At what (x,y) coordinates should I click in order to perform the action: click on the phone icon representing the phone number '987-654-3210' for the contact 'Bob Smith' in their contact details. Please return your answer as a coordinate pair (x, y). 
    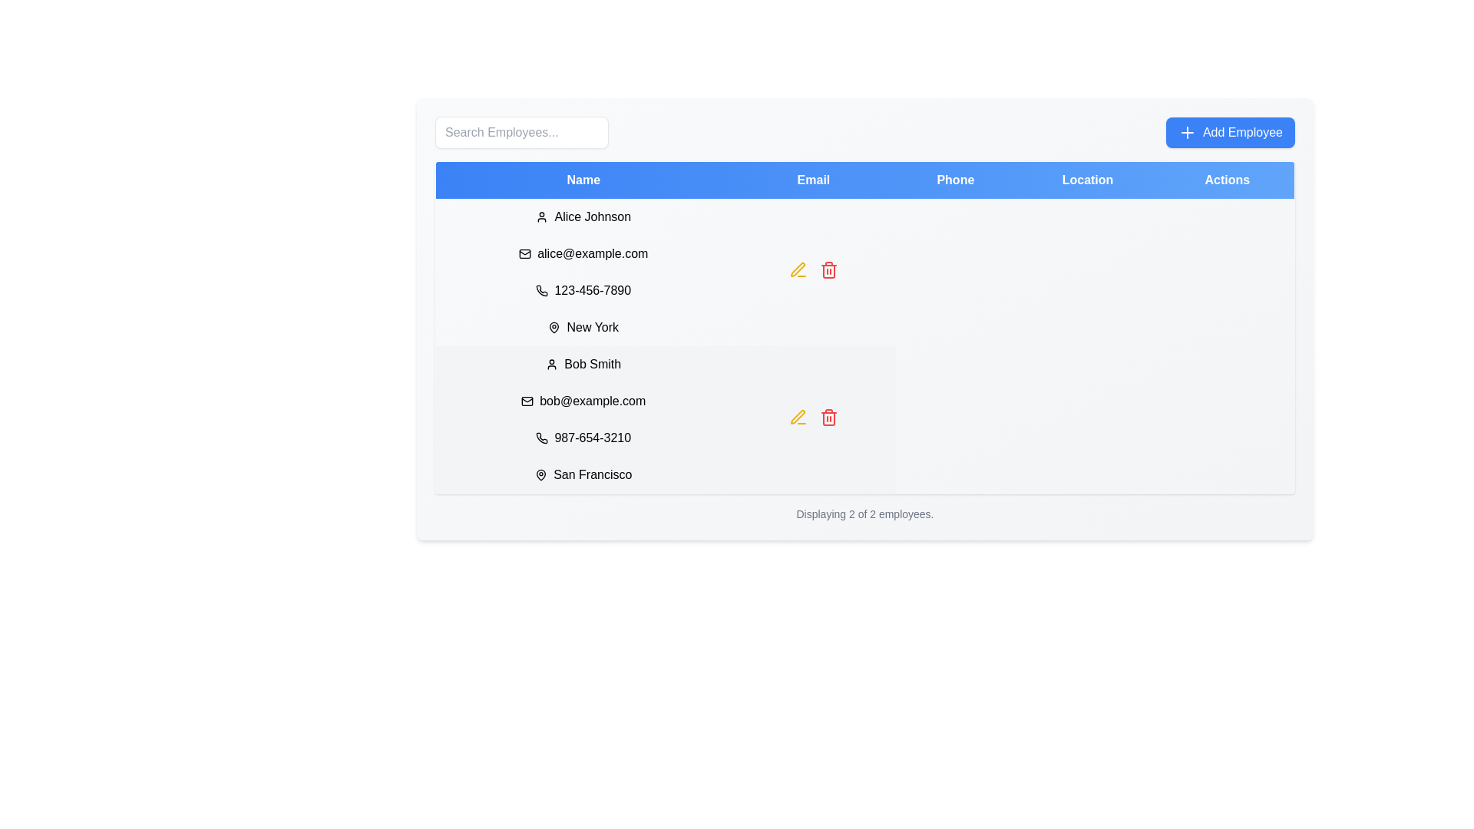
    Looking at the image, I should click on (542, 438).